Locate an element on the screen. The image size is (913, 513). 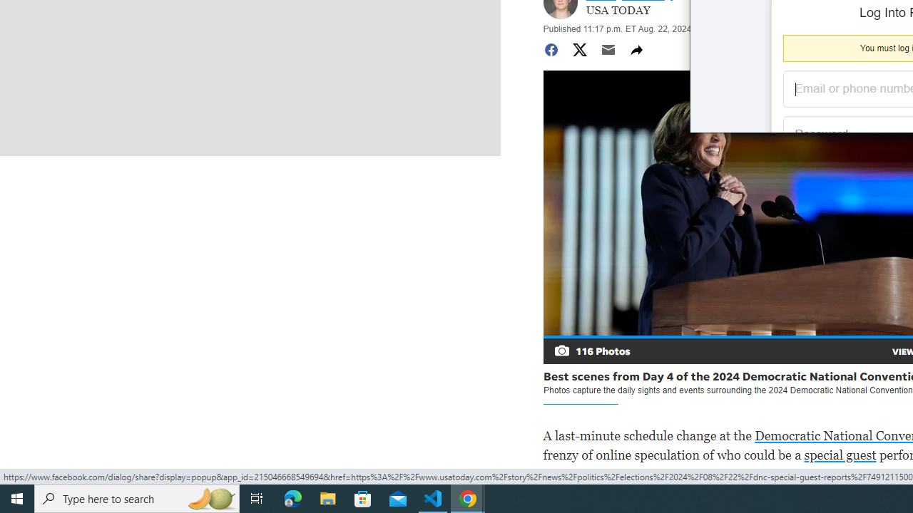
'File Explorer' is located at coordinates (327, 497).